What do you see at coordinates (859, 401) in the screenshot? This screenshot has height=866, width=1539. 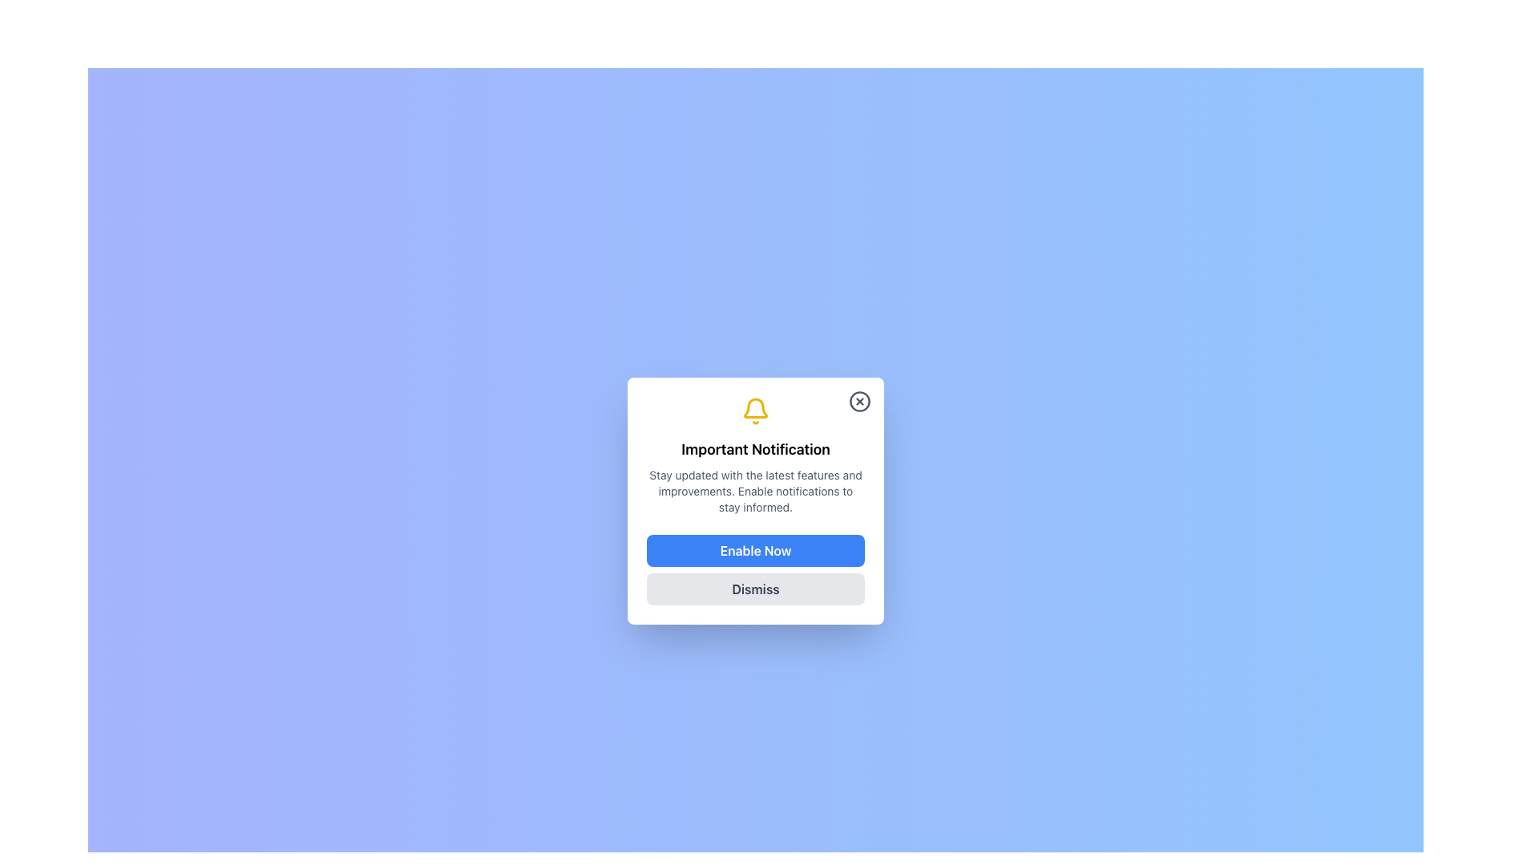 I see `the close icon button located at the top-right corner of the notification modal` at bounding box center [859, 401].